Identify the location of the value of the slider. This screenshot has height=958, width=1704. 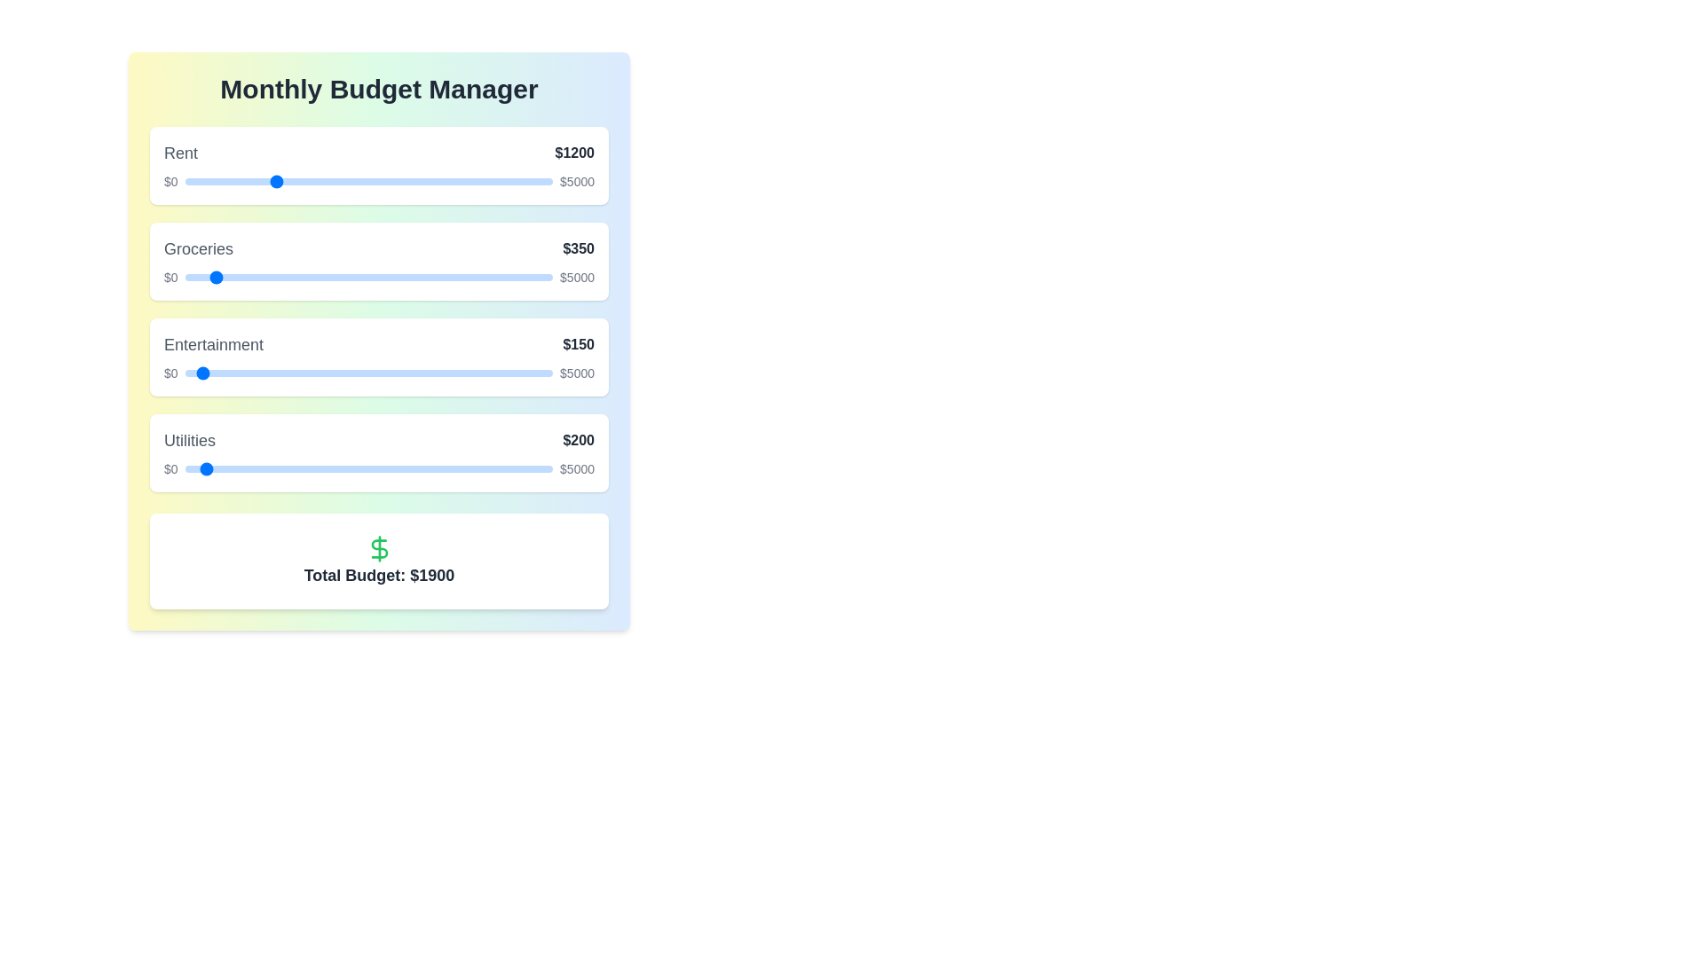
(519, 372).